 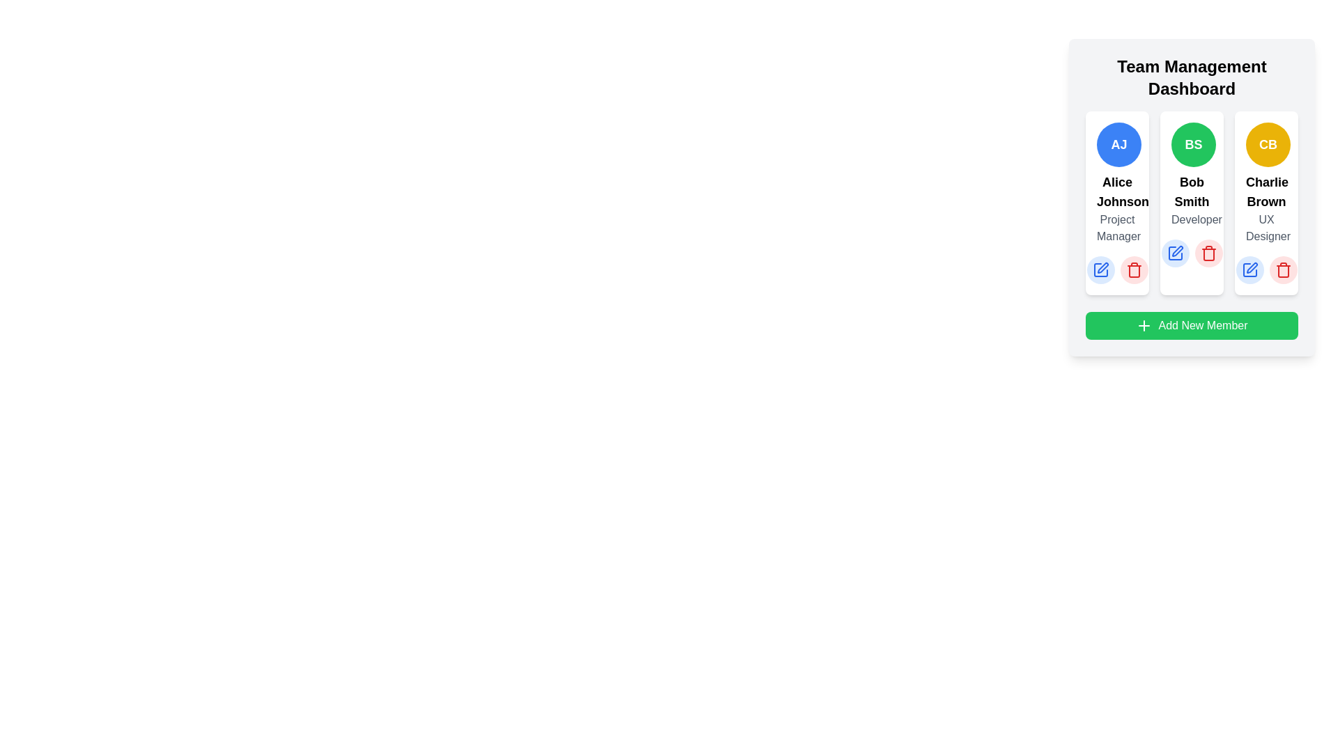 What do you see at coordinates (1191, 325) in the screenshot?
I see `the 'Add New Member' button with a green background and a plus icon to initiate adding a new member` at bounding box center [1191, 325].